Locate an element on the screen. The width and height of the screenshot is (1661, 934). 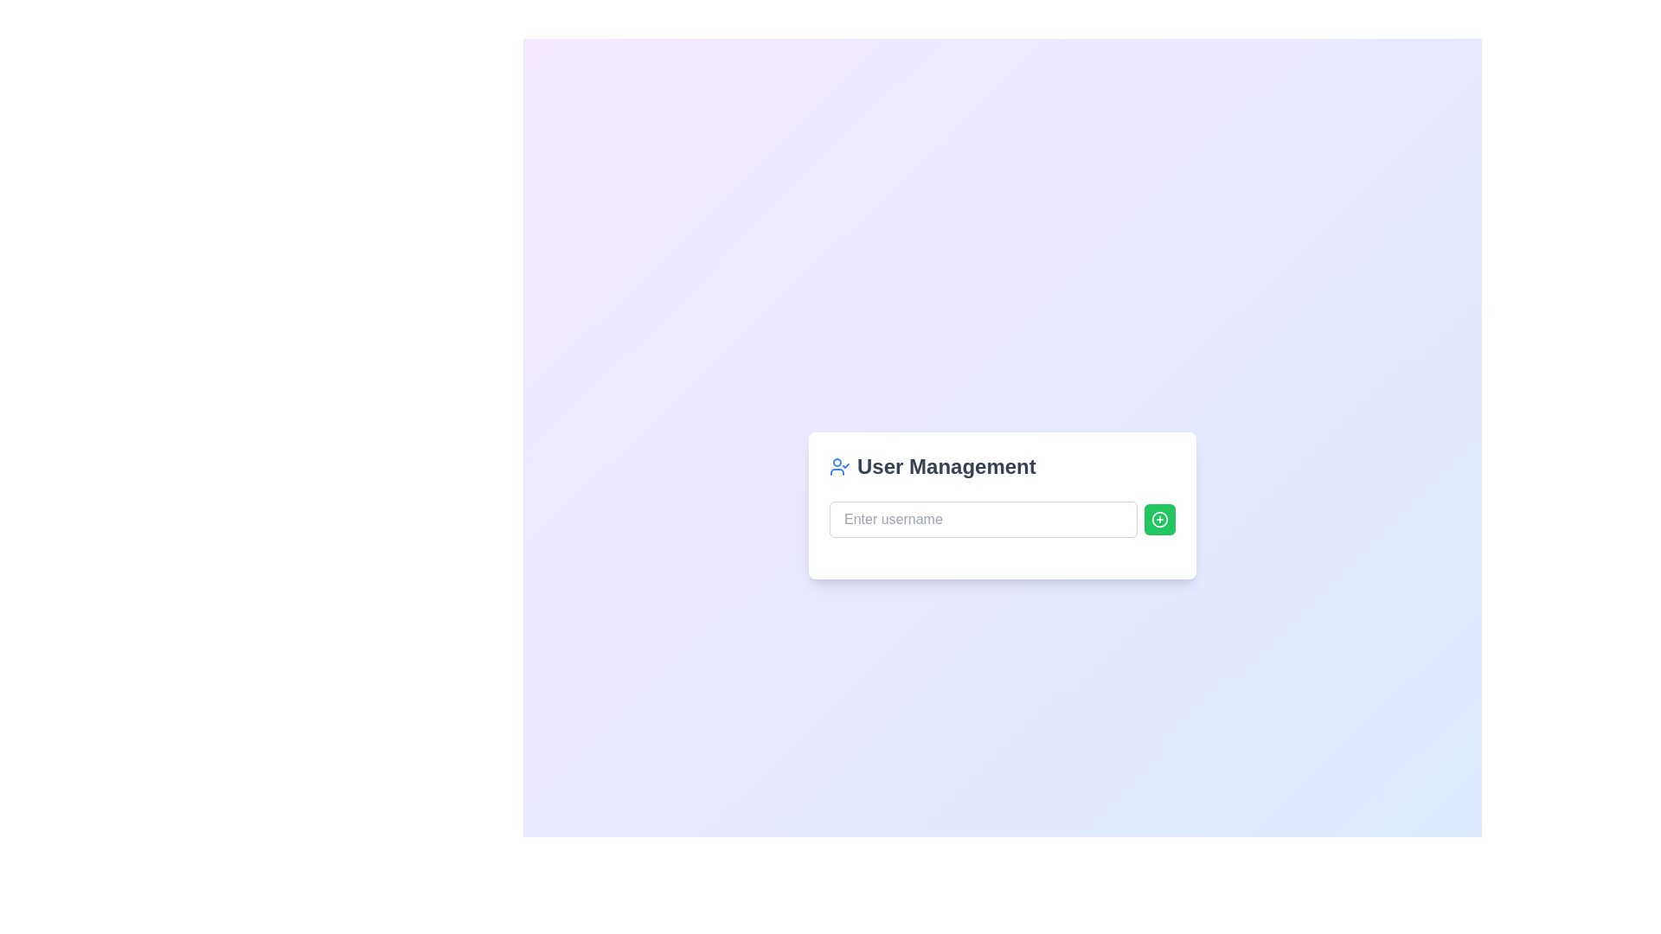
the action icon embedded in the green button is located at coordinates (1159, 519).